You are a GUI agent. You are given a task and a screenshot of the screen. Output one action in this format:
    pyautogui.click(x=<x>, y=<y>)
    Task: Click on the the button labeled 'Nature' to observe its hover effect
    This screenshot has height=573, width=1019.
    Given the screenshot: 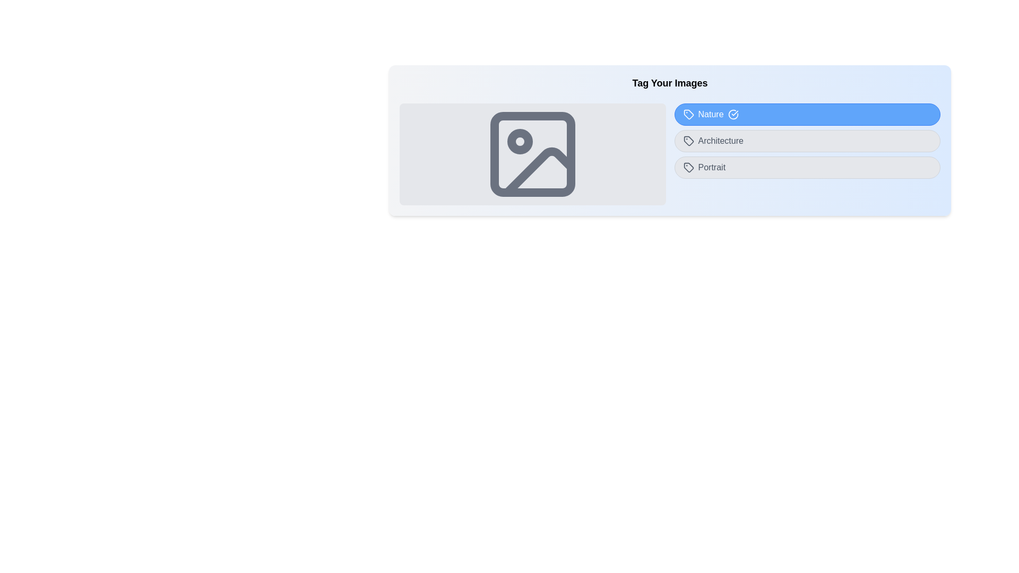 What is the action you would take?
    pyautogui.click(x=807, y=115)
    